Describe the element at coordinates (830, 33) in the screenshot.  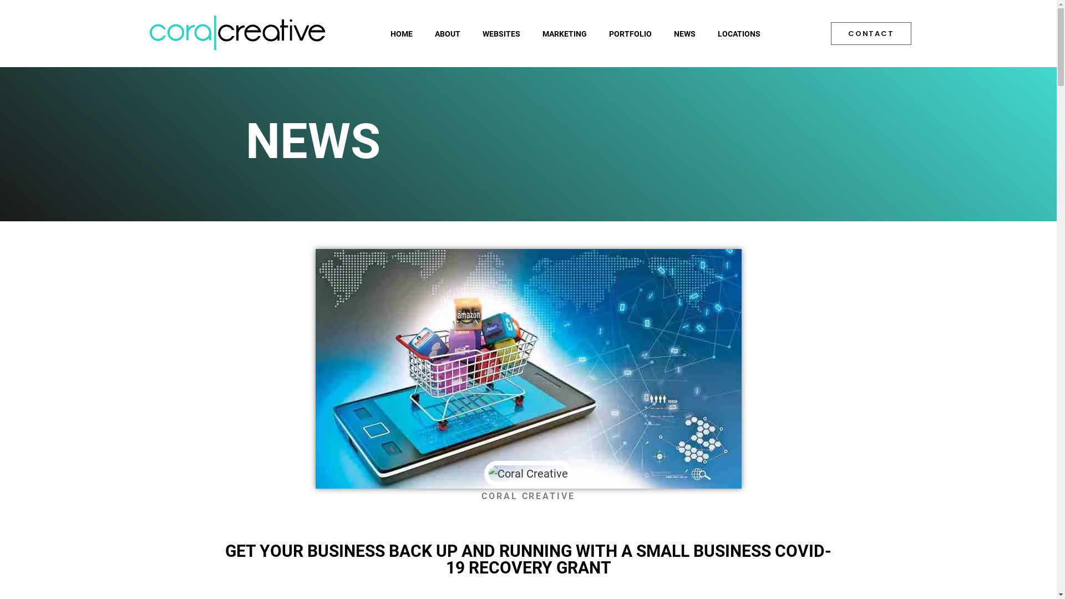
I see `'CONTACT'` at that location.